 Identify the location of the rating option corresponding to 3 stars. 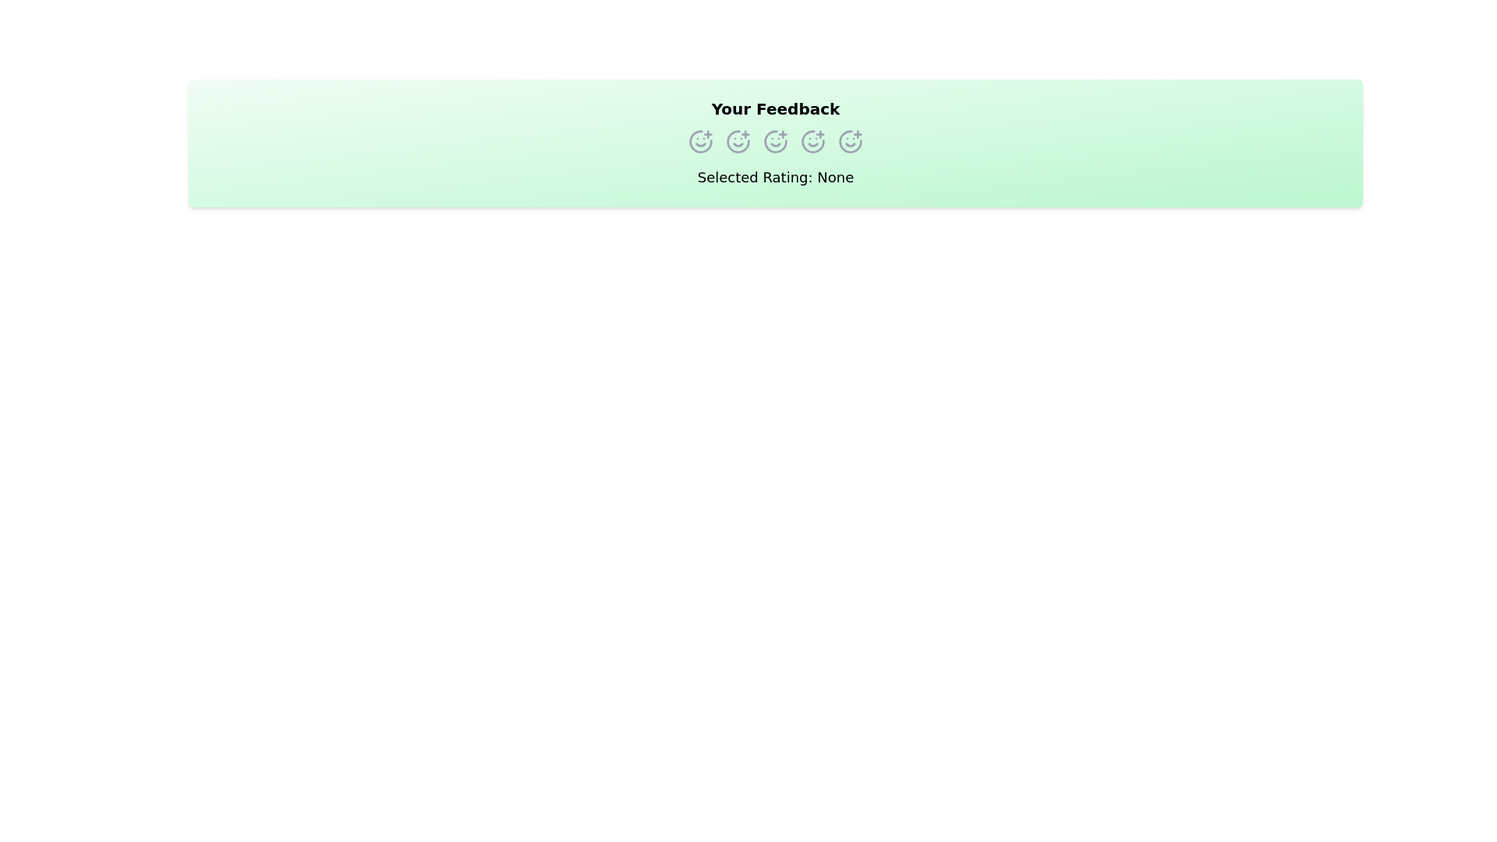
(775, 141).